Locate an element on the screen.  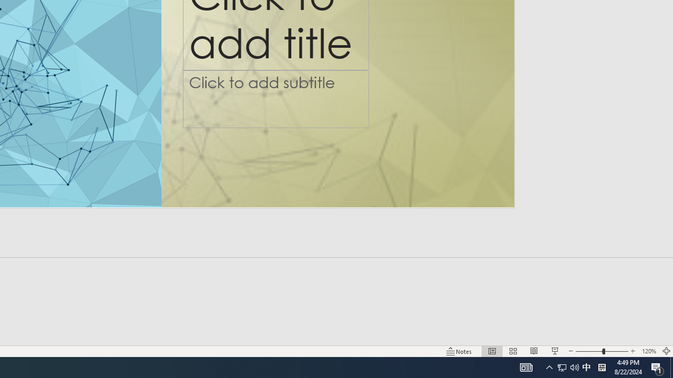
'Zoom 120%' is located at coordinates (648, 351).